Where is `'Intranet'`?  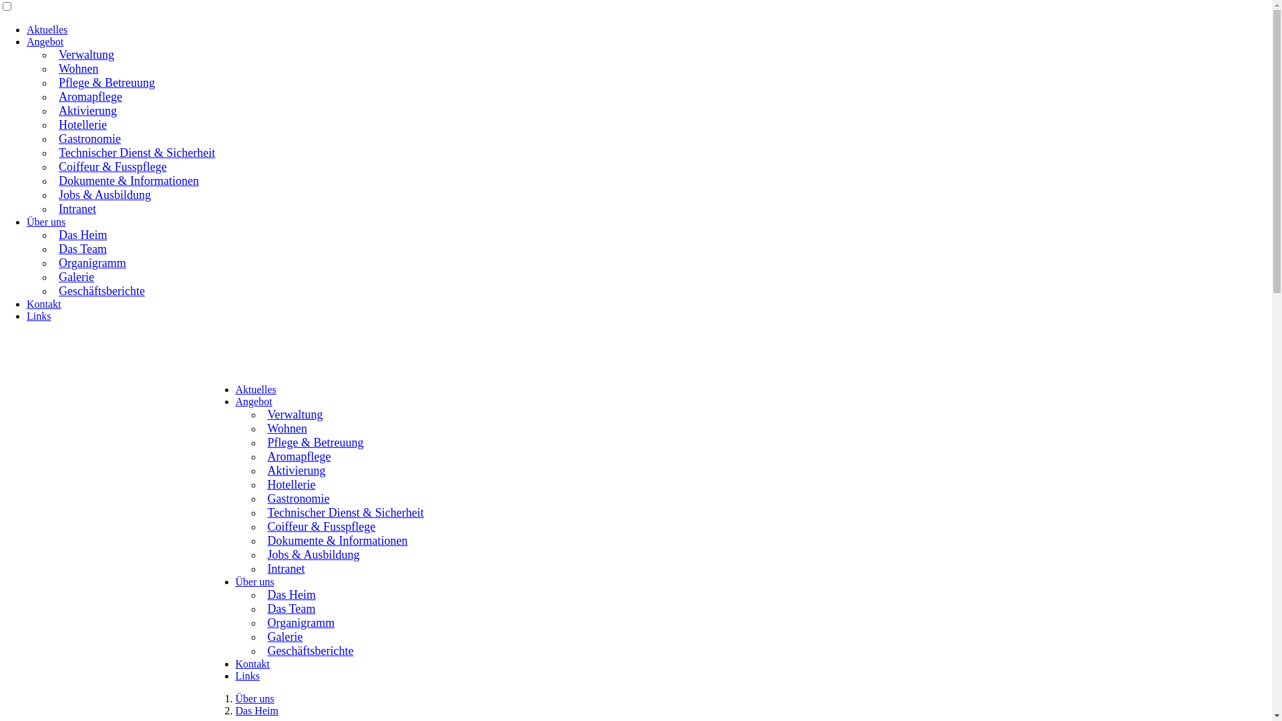
'Intranet' is located at coordinates (75, 208).